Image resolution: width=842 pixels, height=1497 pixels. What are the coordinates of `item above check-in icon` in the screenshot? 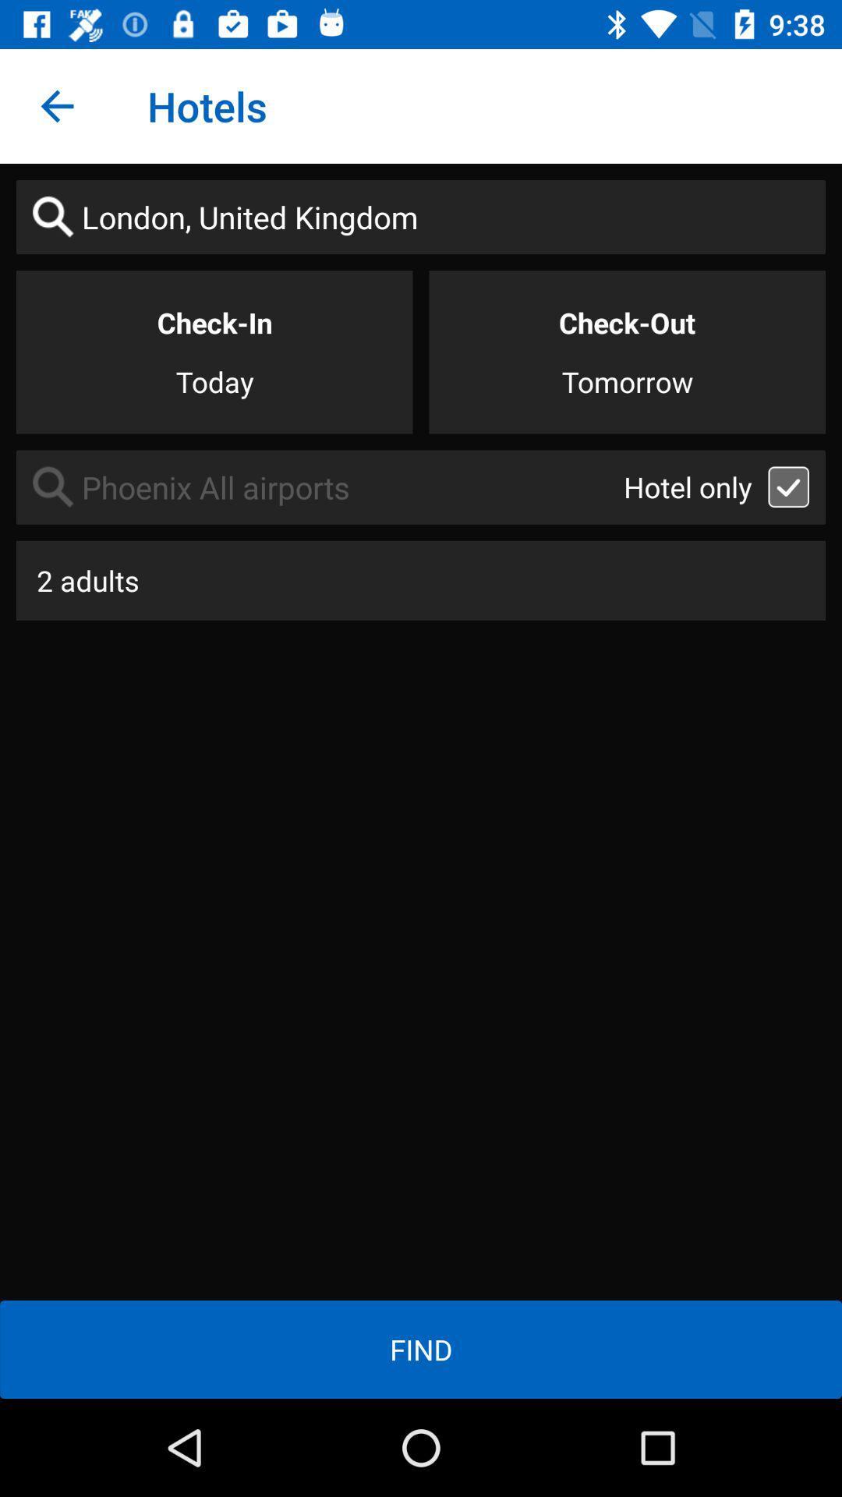 It's located at (421, 216).